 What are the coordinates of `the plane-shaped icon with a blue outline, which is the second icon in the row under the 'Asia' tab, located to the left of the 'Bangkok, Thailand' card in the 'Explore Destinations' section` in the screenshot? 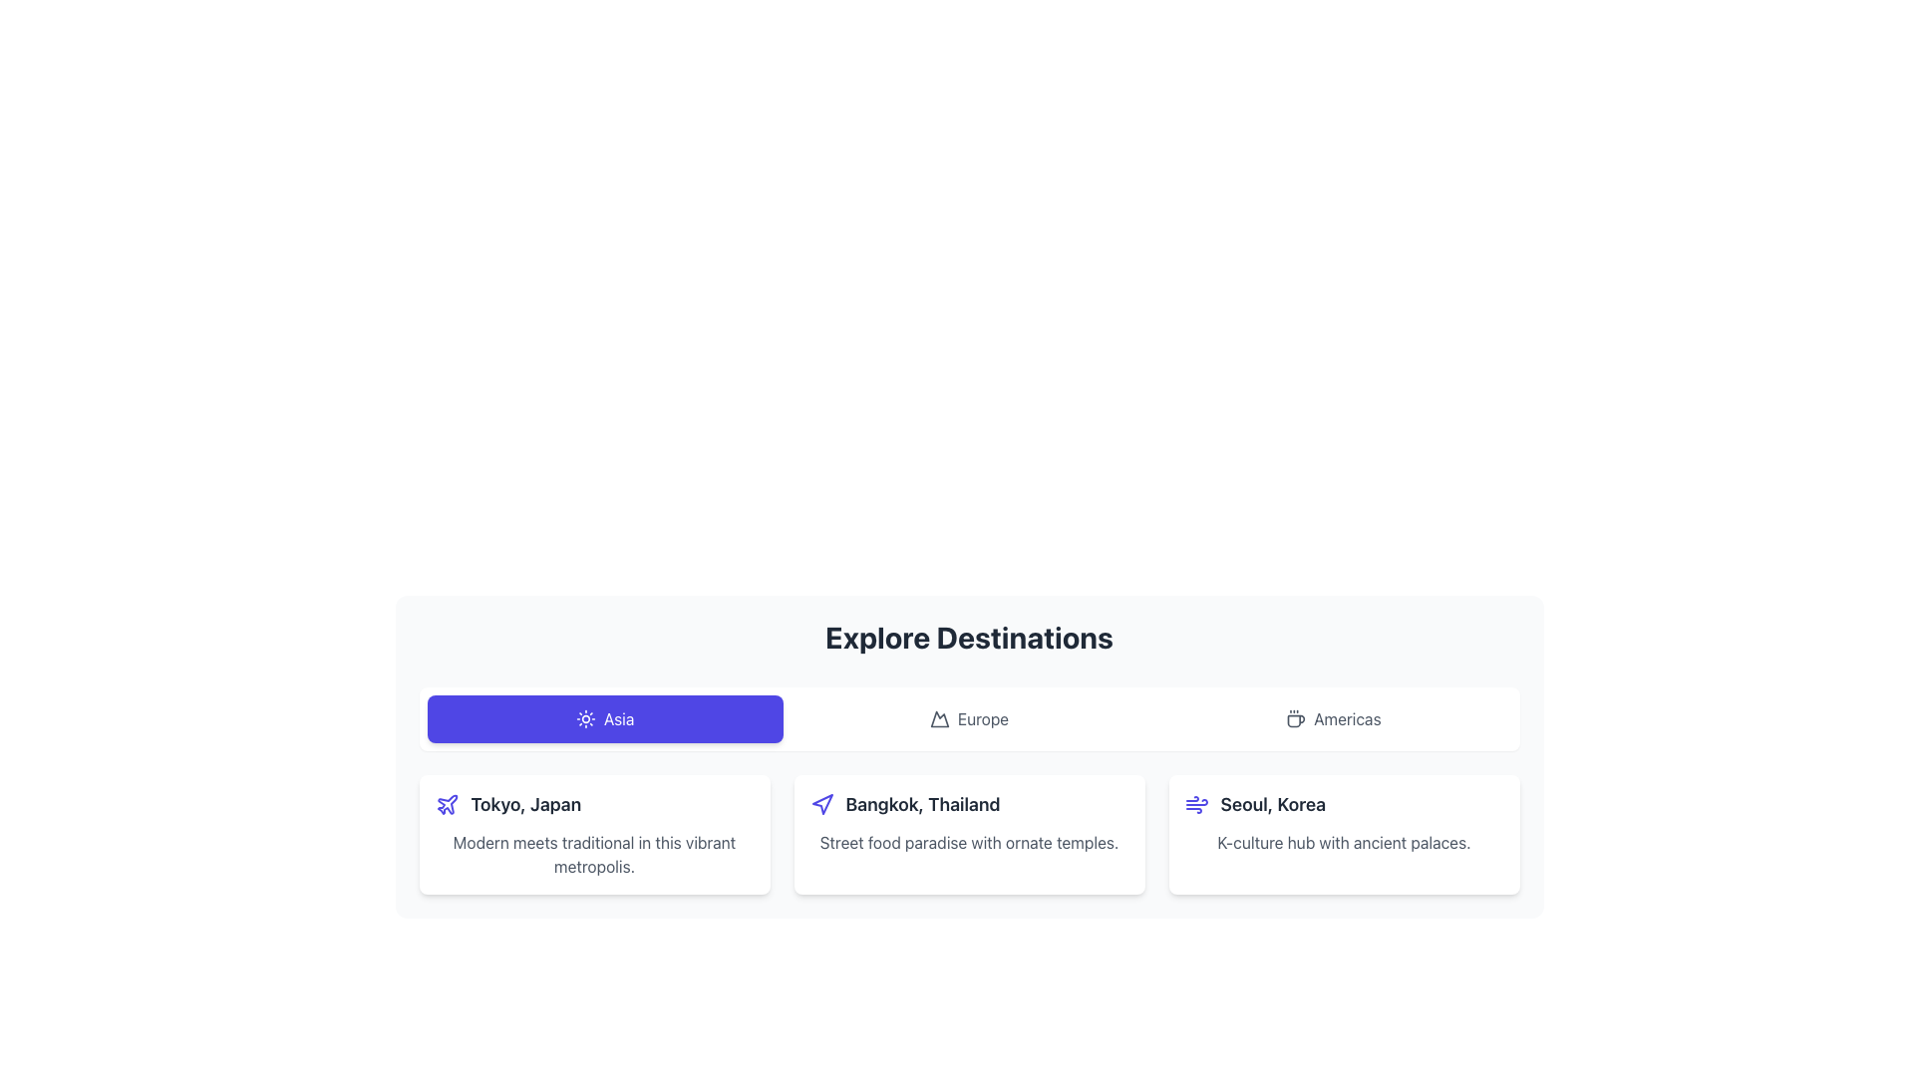 It's located at (446, 803).